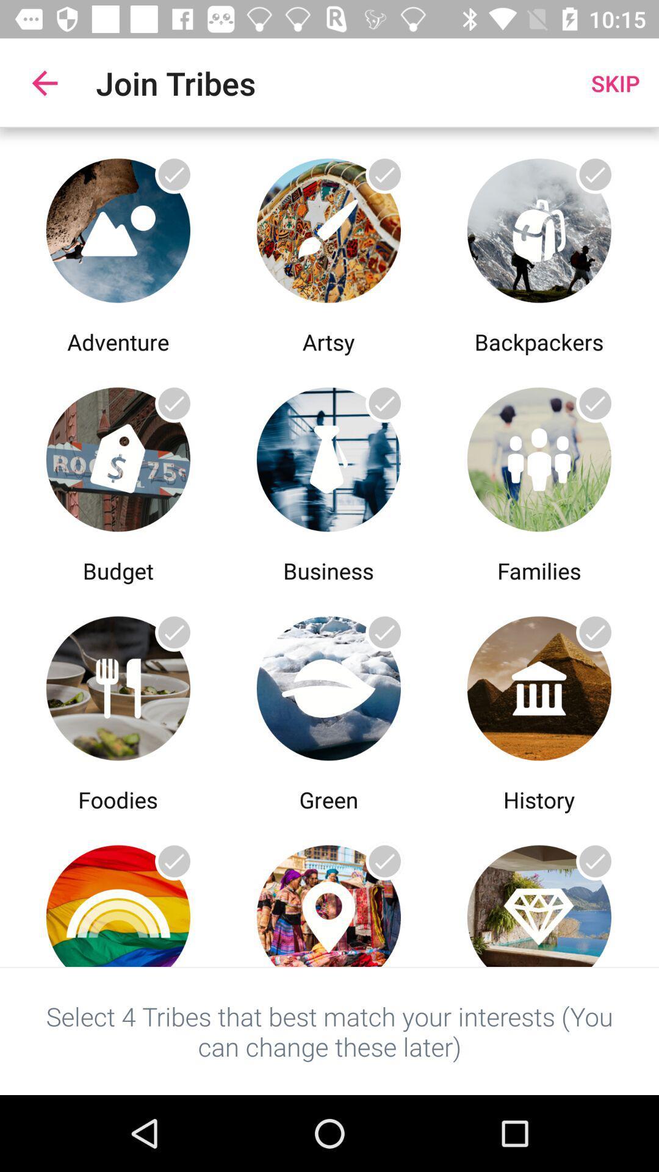 Image resolution: width=659 pixels, height=1172 pixels. I want to click on a select option, so click(328, 227).